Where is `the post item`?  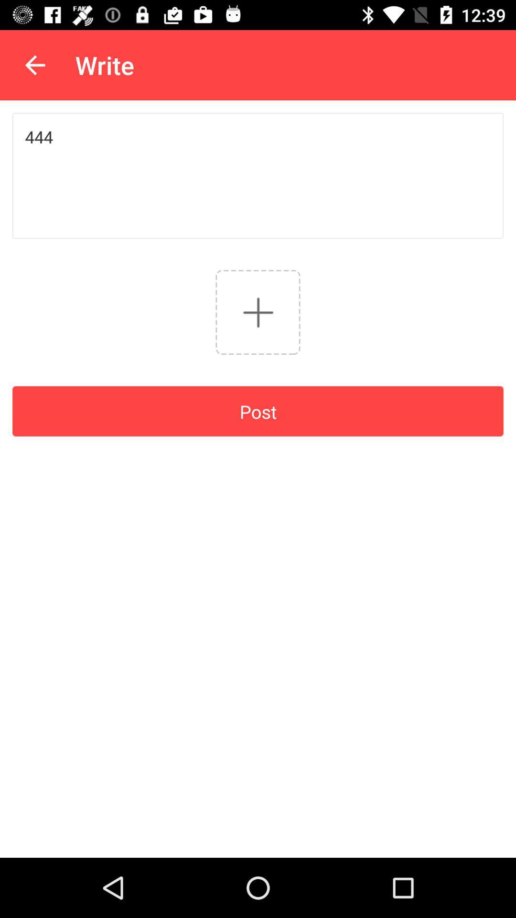
the post item is located at coordinates (258, 411).